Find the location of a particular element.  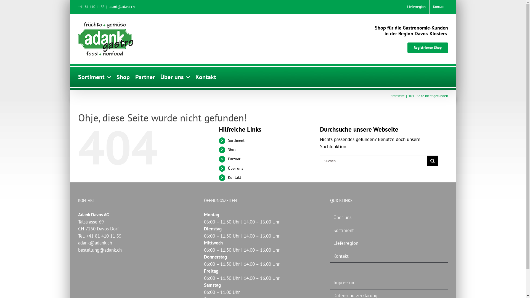

'Shop' is located at coordinates (123, 77).